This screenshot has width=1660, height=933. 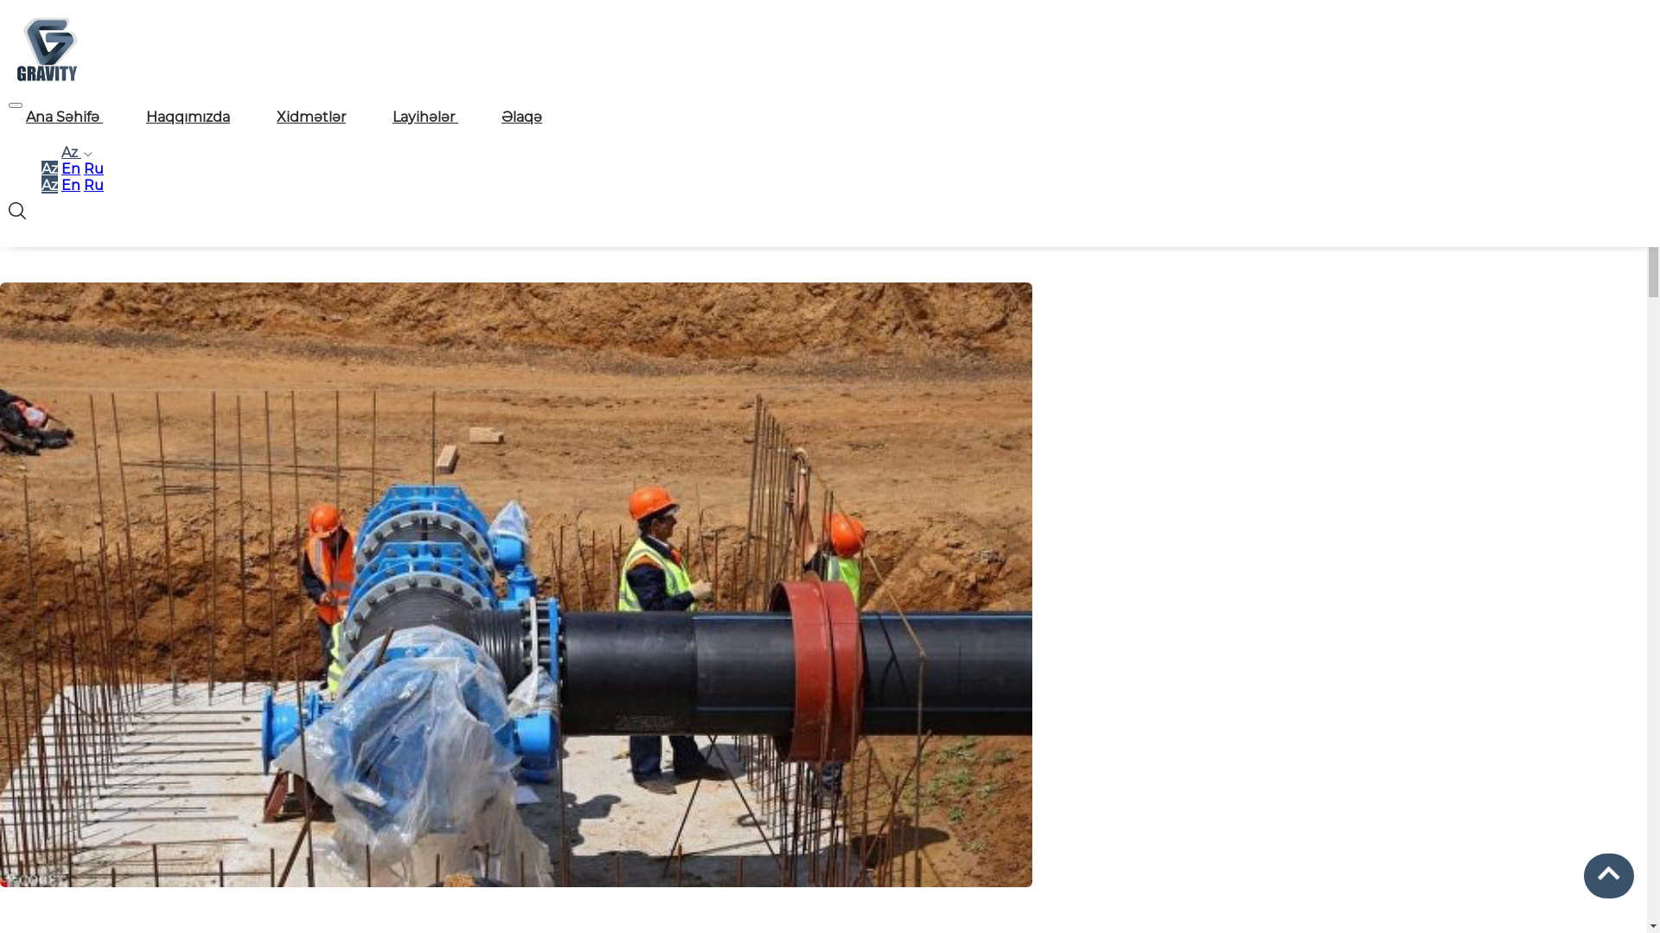 What do you see at coordinates (73, 151) in the screenshot?
I see `'Az'` at bounding box center [73, 151].